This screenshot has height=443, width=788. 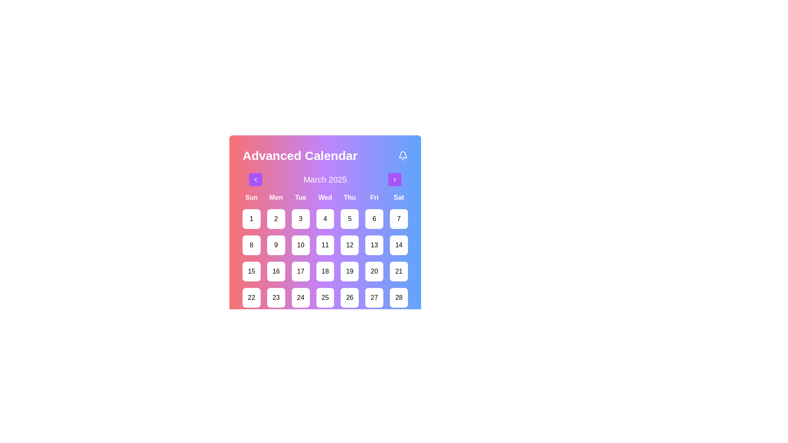 I want to click on the interactive calendar date cell displaying '28' in the last column of the fifth row, so click(x=399, y=297).